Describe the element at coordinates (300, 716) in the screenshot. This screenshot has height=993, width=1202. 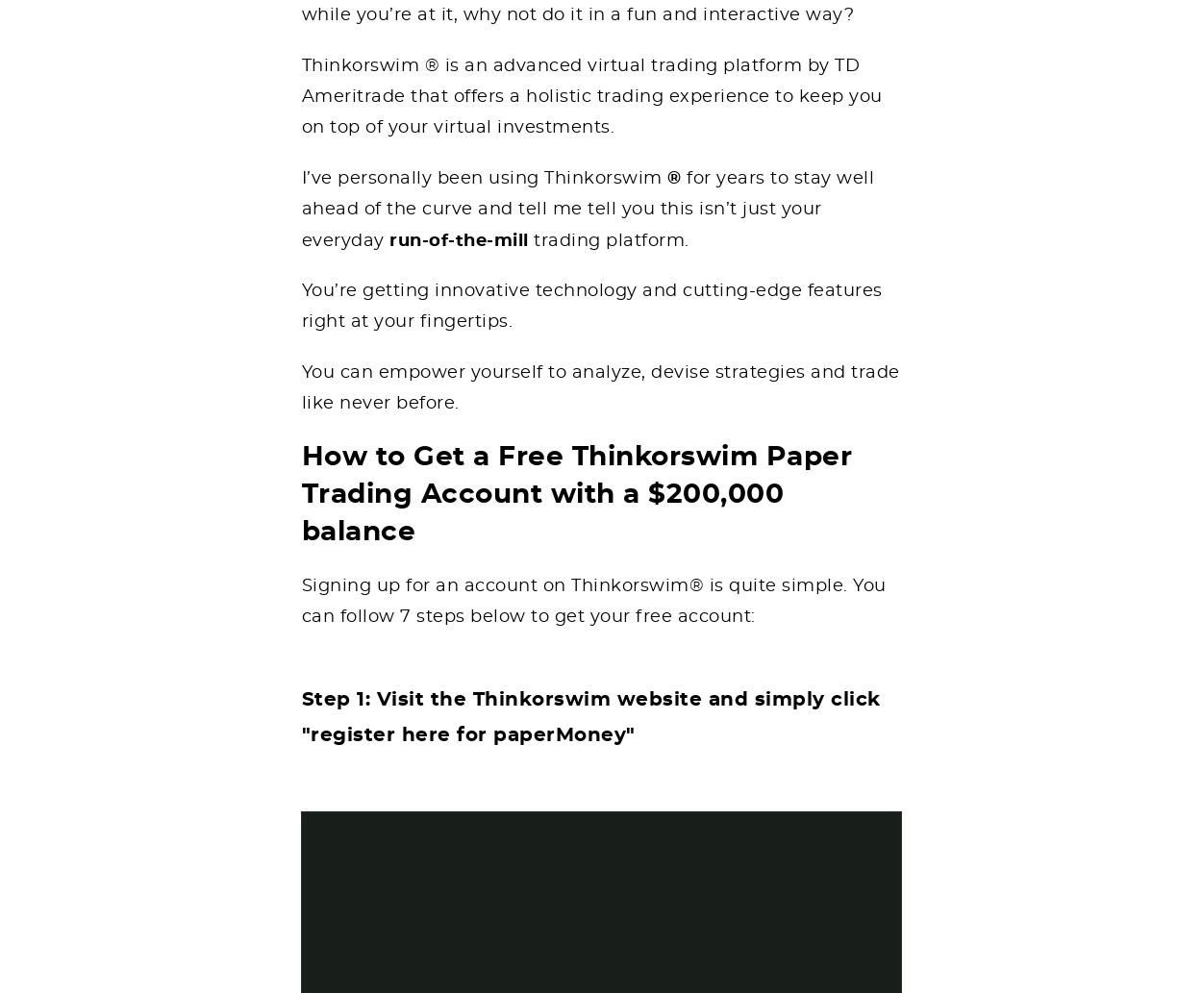
I see `'Step 1: Visit the Thinkorswim website and simply click "register here for paperMoney"'` at that location.